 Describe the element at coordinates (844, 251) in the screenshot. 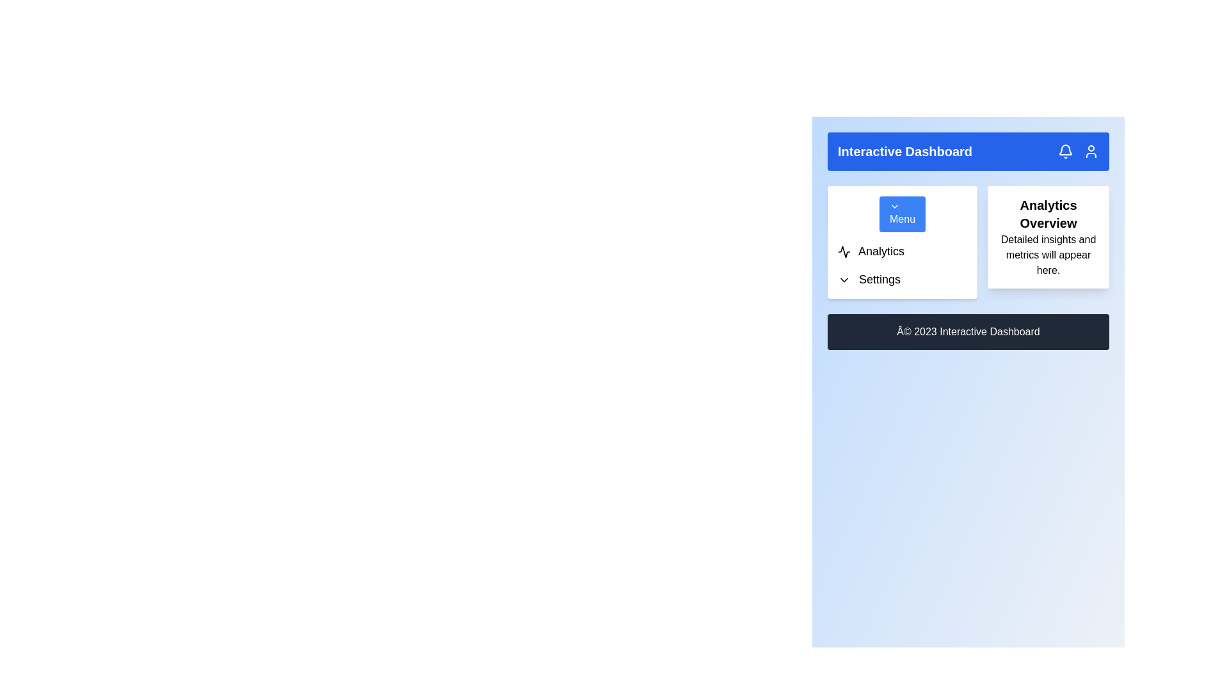

I see `the decorative icon representing the 'Analytics' section in the left panel of the application interface, which is located next to the 'Analytics' text label` at that location.